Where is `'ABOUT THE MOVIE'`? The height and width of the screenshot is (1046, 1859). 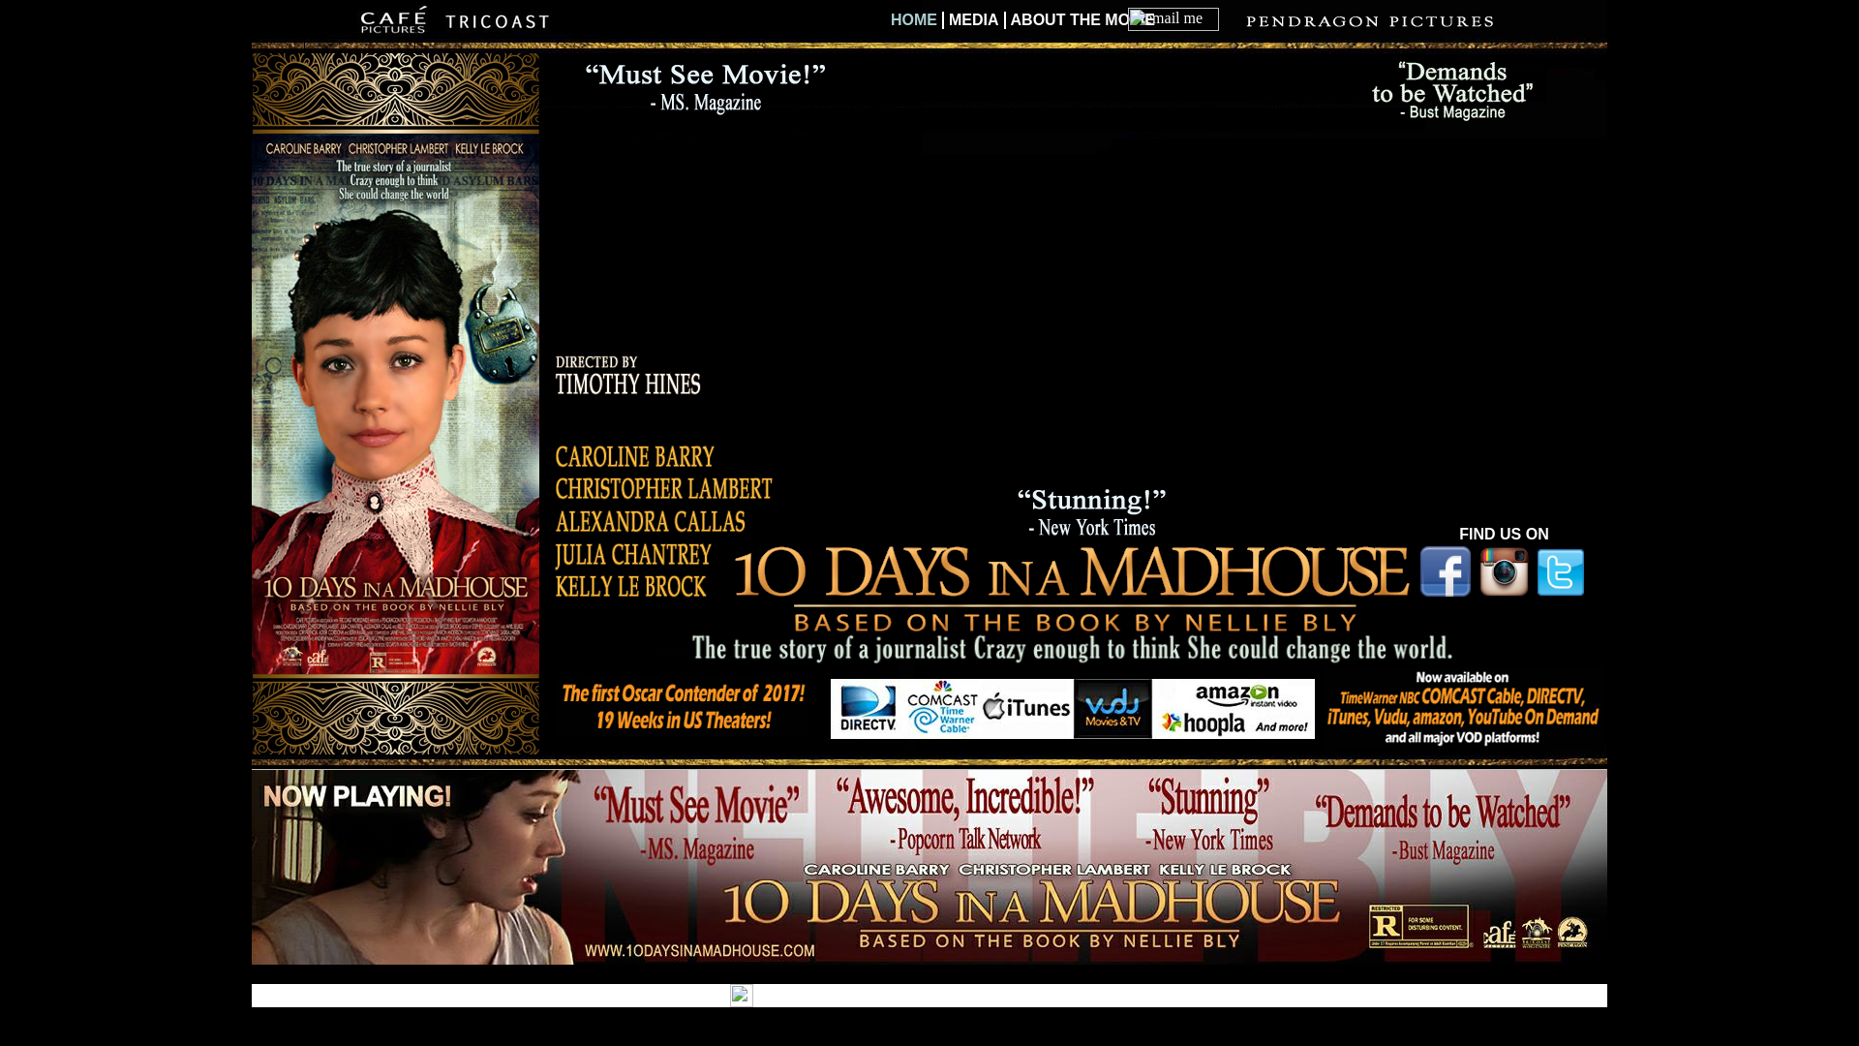 'ABOUT THE MOVIE' is located at coordinates (1080, 19).